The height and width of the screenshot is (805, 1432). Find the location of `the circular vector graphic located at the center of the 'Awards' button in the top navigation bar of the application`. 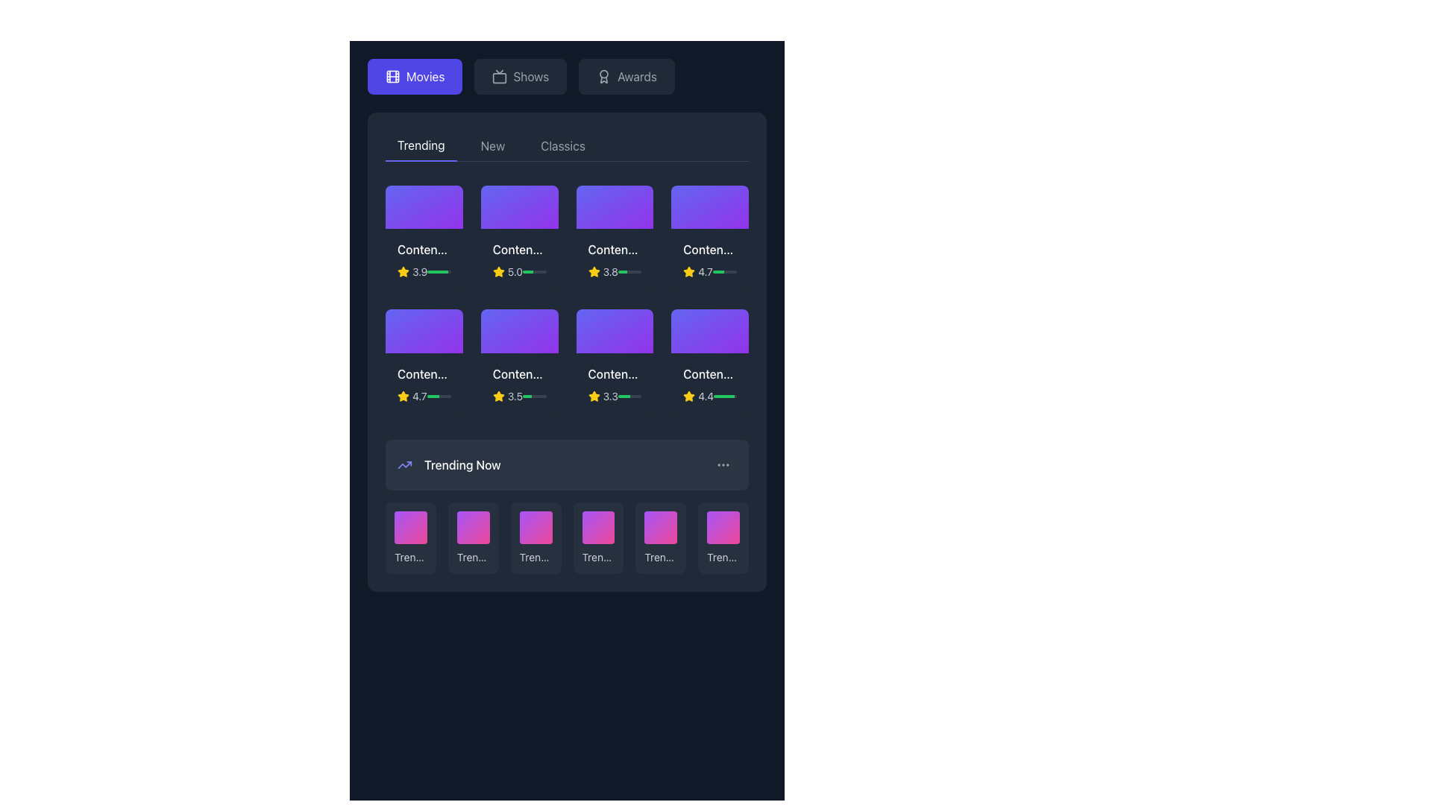

the circular vector graphic located at the center of the 'Awards' button in the top navigation bar of the application is located at coordinates (604, 74).